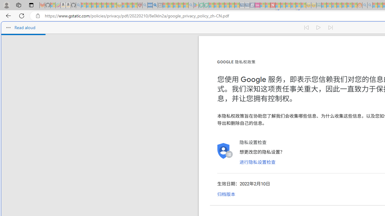 The width and height of the screenshot is (385, 216). Describe the element at coordinates (344, 5) in the screenshot. I see `'Kinda Frugal - MSN - Sleeping'` at that location.